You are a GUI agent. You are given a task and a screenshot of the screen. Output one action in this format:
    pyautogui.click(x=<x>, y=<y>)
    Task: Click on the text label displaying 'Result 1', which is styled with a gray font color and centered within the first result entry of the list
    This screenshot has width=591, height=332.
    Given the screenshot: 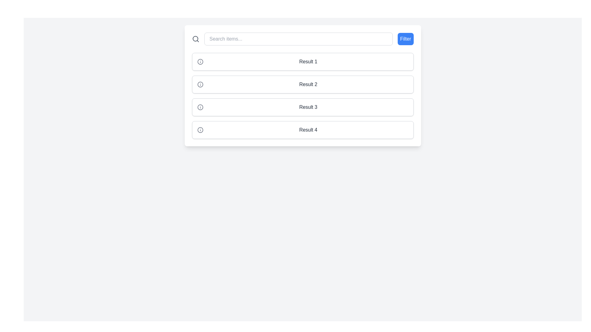 What is the action you would take?
    pyautogui.click(x=308, y=61)
    